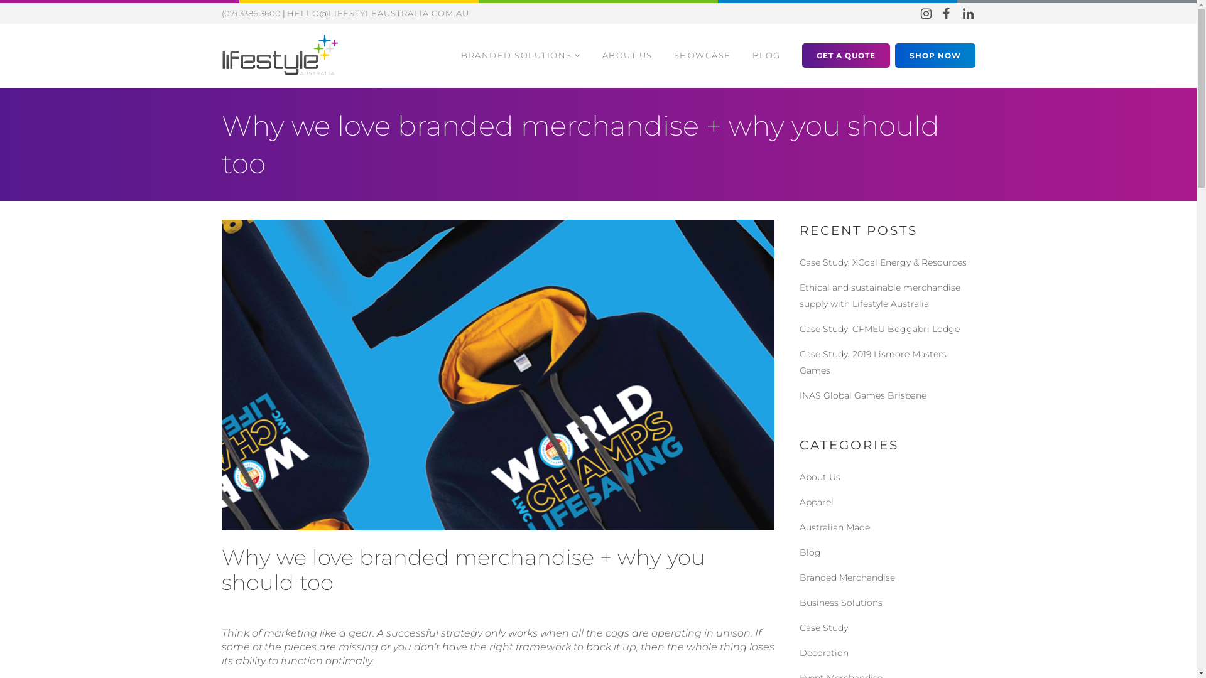  Describe the element at coordinates (861, 394) in the screenshot. I see `'INAS Global Games Brisbane'` at that location.